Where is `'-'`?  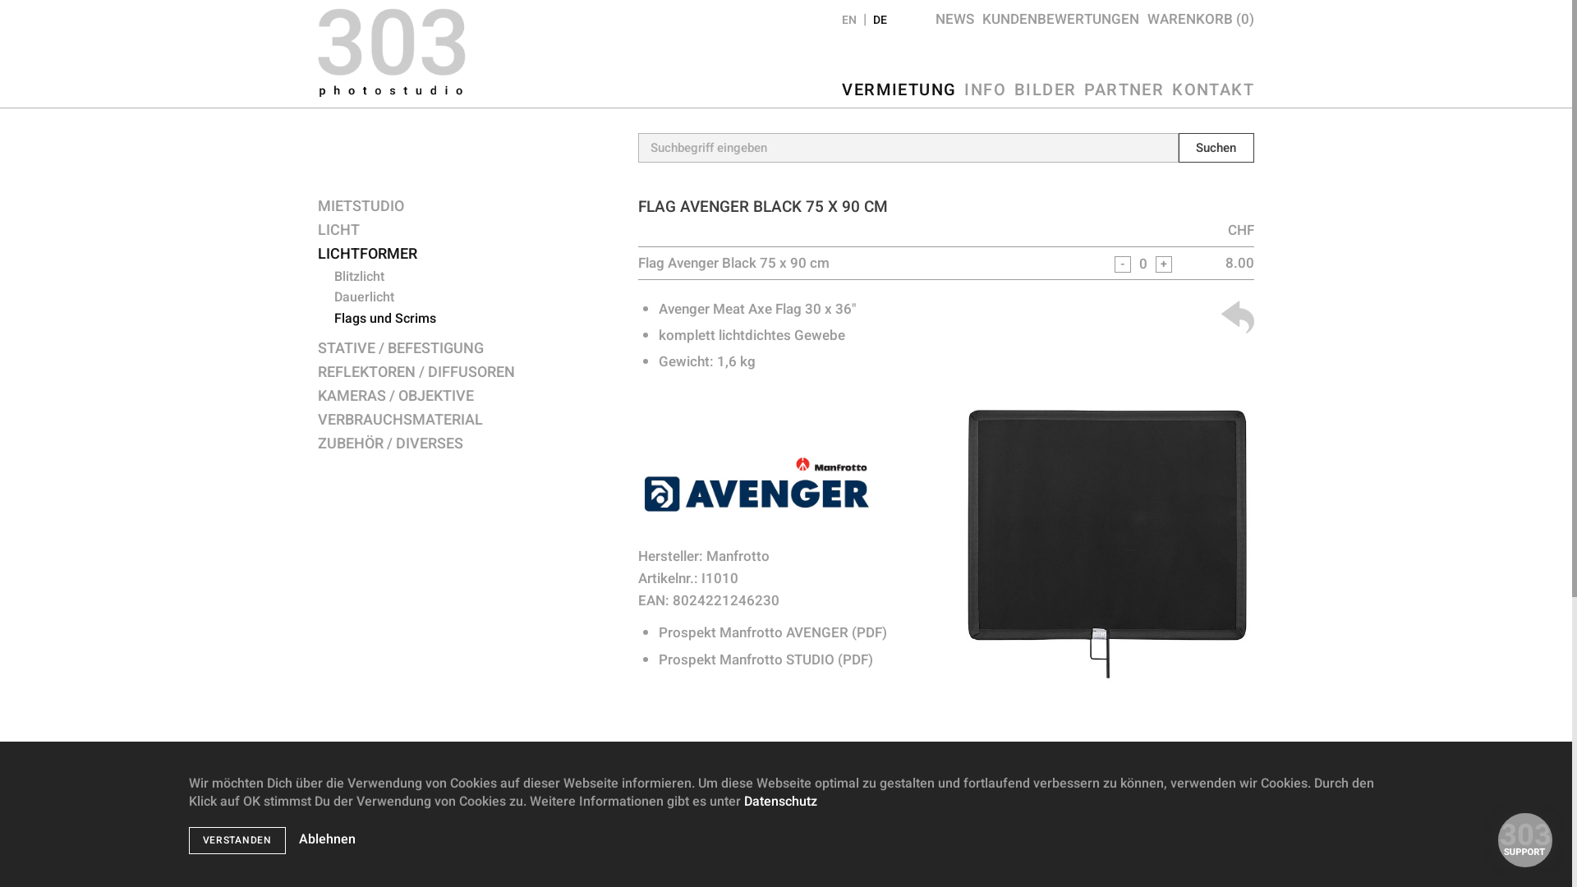
'-' is located at coordinates (1115, 263).